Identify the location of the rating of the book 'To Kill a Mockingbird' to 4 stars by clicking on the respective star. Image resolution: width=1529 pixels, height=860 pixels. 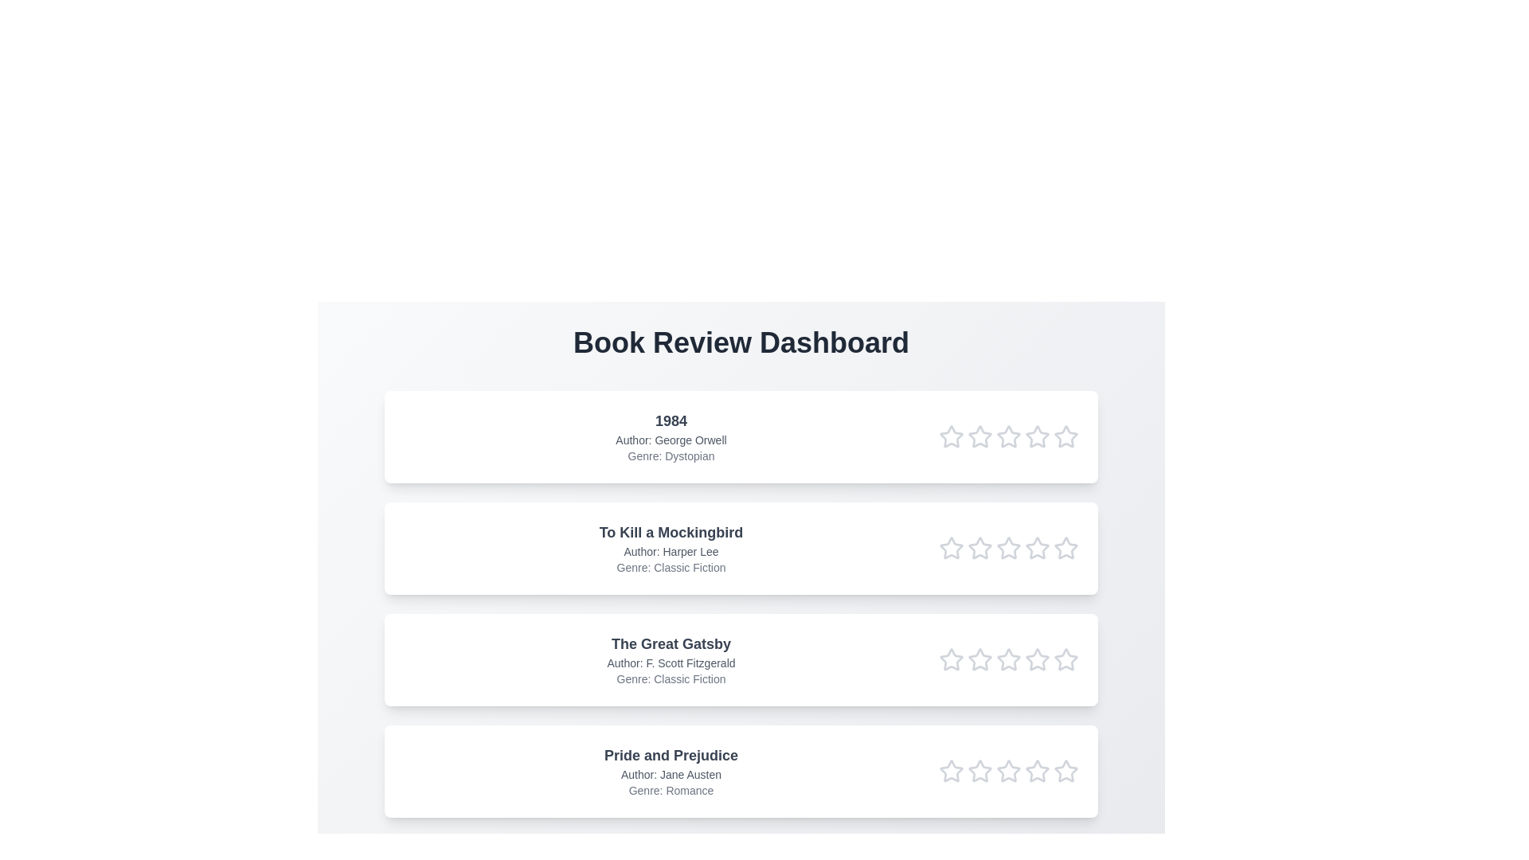
(1037, 548).